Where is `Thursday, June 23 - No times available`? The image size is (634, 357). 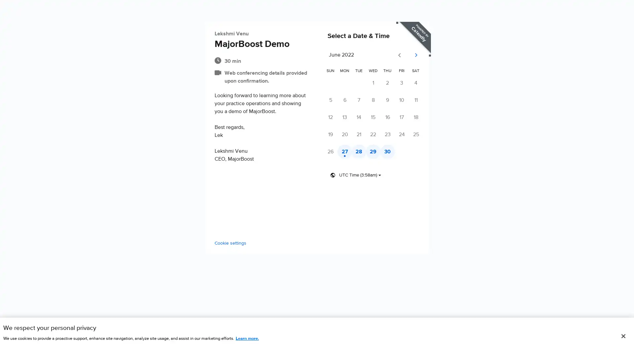 Thursday, June 23 - No times available is located at coordinates (399, 135).